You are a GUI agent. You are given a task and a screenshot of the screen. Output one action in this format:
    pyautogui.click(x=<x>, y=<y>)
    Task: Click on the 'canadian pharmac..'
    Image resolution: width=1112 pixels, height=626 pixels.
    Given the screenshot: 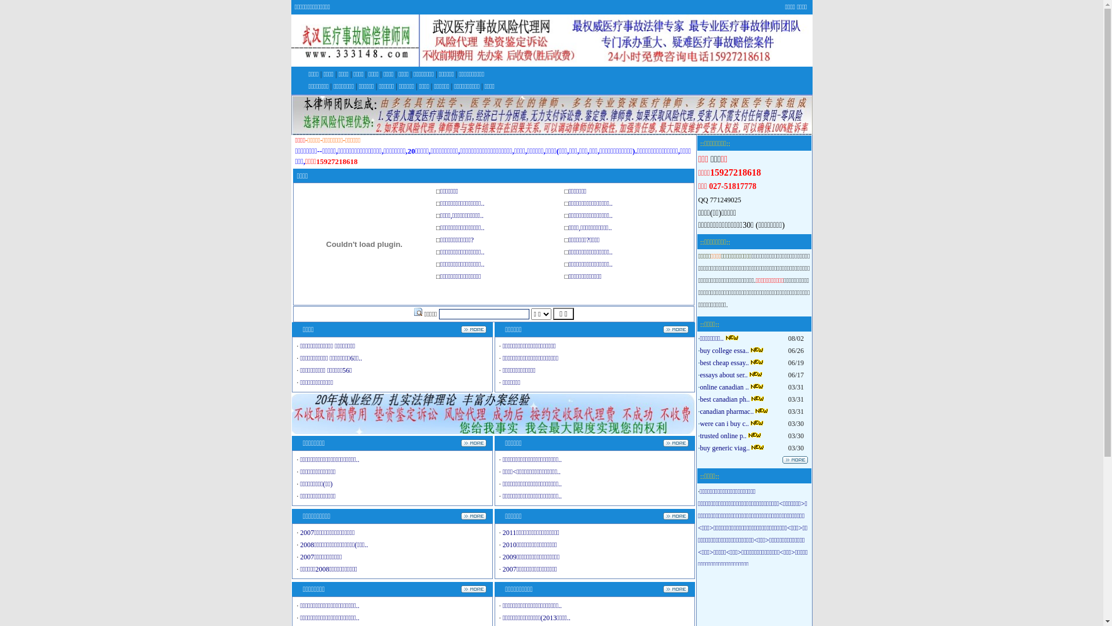 What is the action you would take?
    pyautogui.click(x=726, y=410)
    